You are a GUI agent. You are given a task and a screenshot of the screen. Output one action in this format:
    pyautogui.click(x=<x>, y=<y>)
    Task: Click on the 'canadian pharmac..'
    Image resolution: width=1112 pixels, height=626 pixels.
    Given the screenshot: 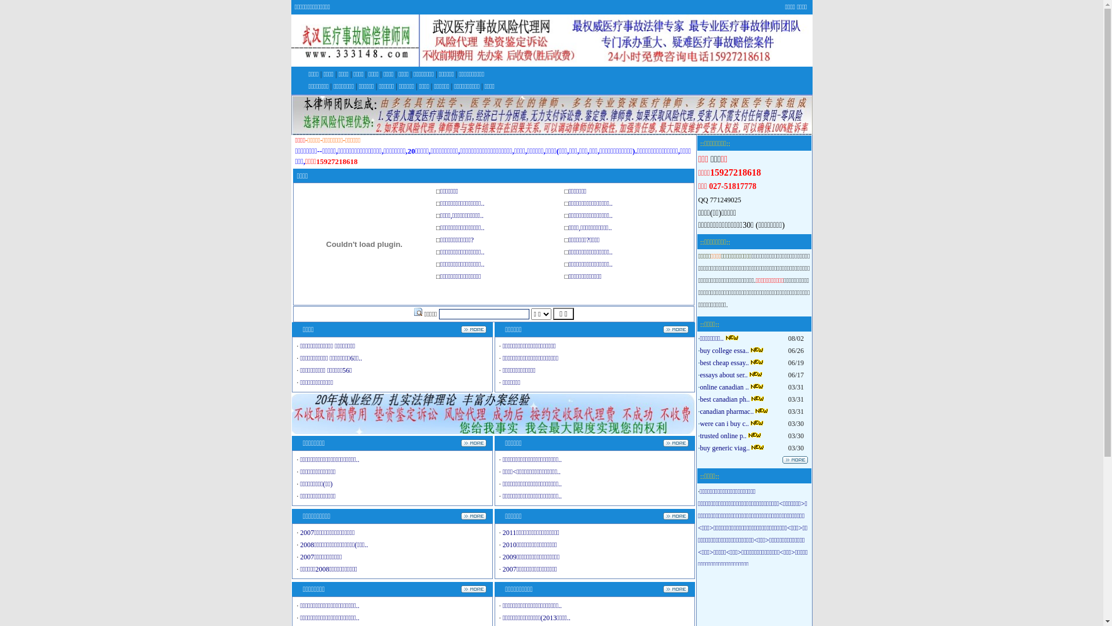 What is the action you would take?
    pyautogui.click(x=726, y=410)
    